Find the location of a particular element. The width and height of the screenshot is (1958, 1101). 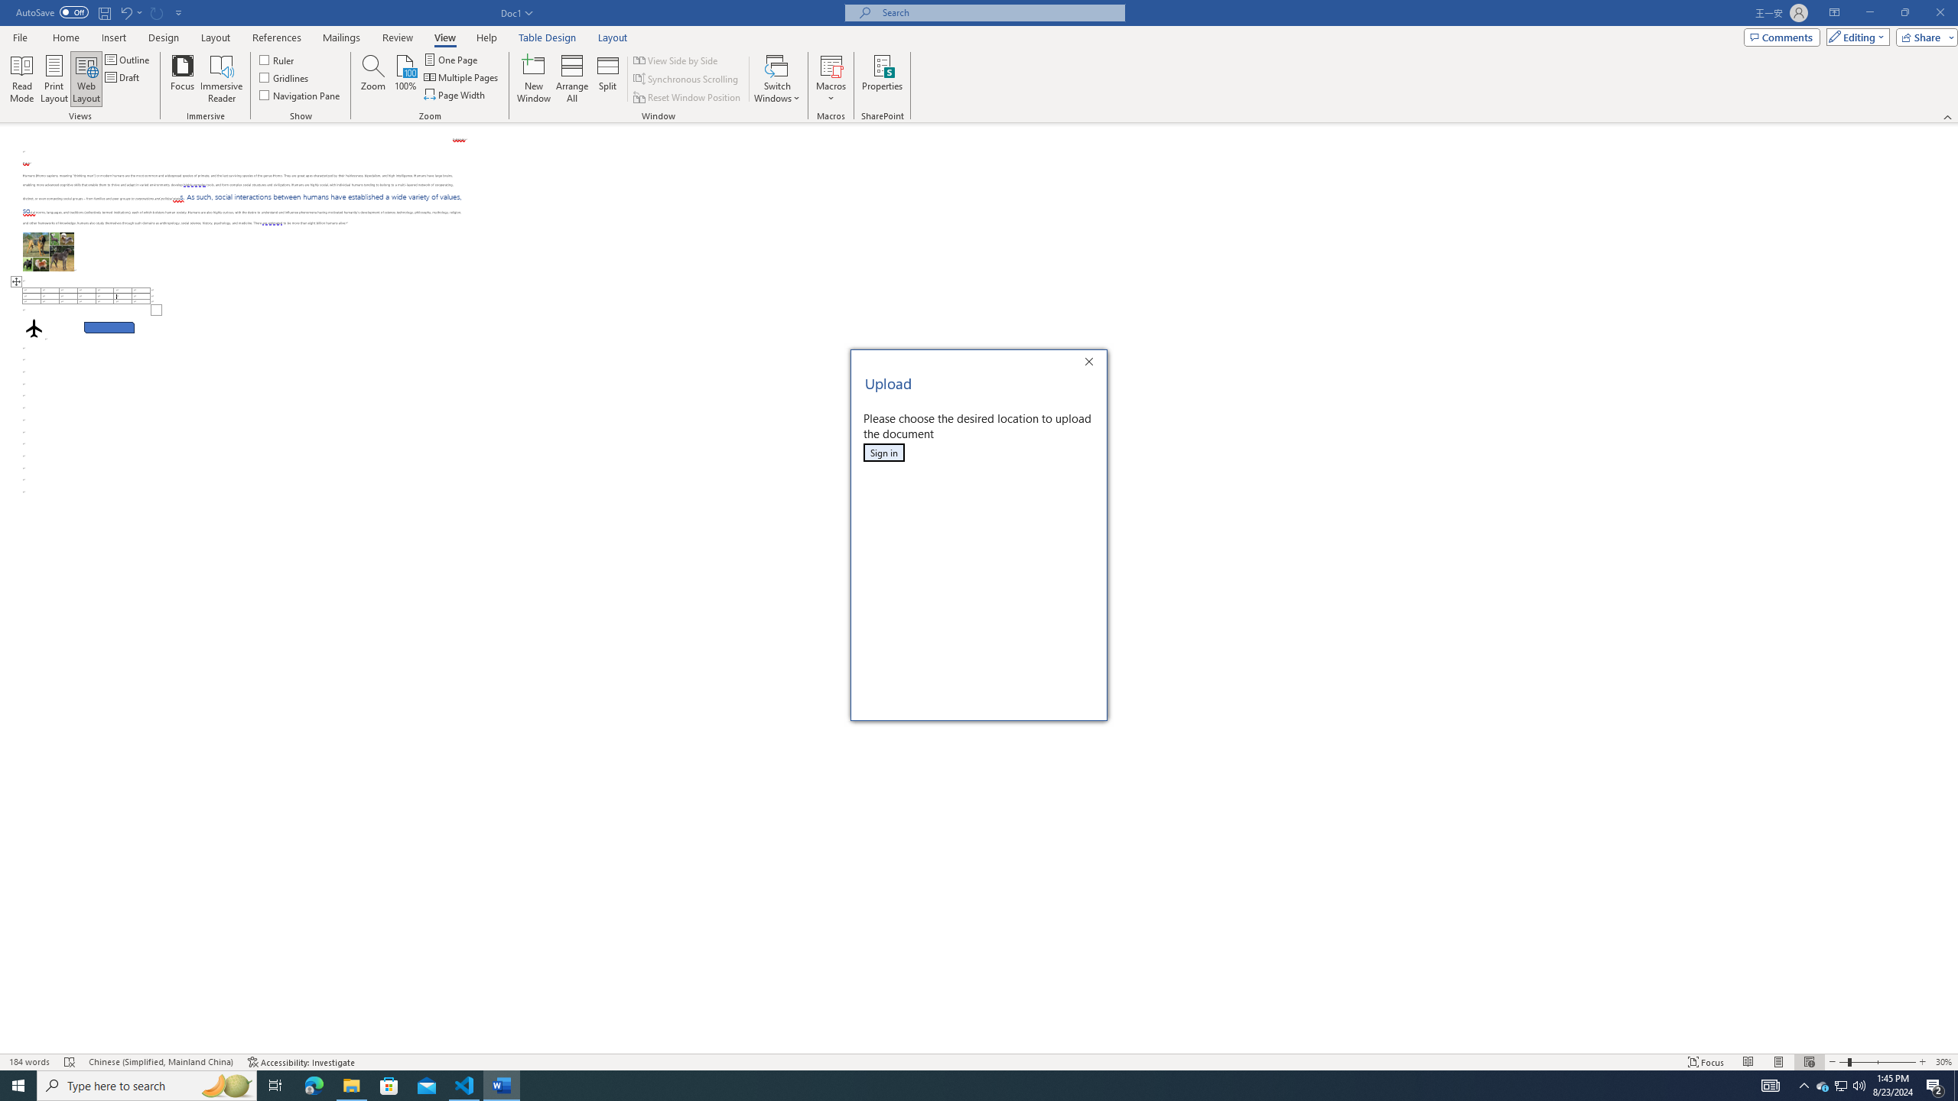

'Navigation Pane' is located at coordinates (299, 93).